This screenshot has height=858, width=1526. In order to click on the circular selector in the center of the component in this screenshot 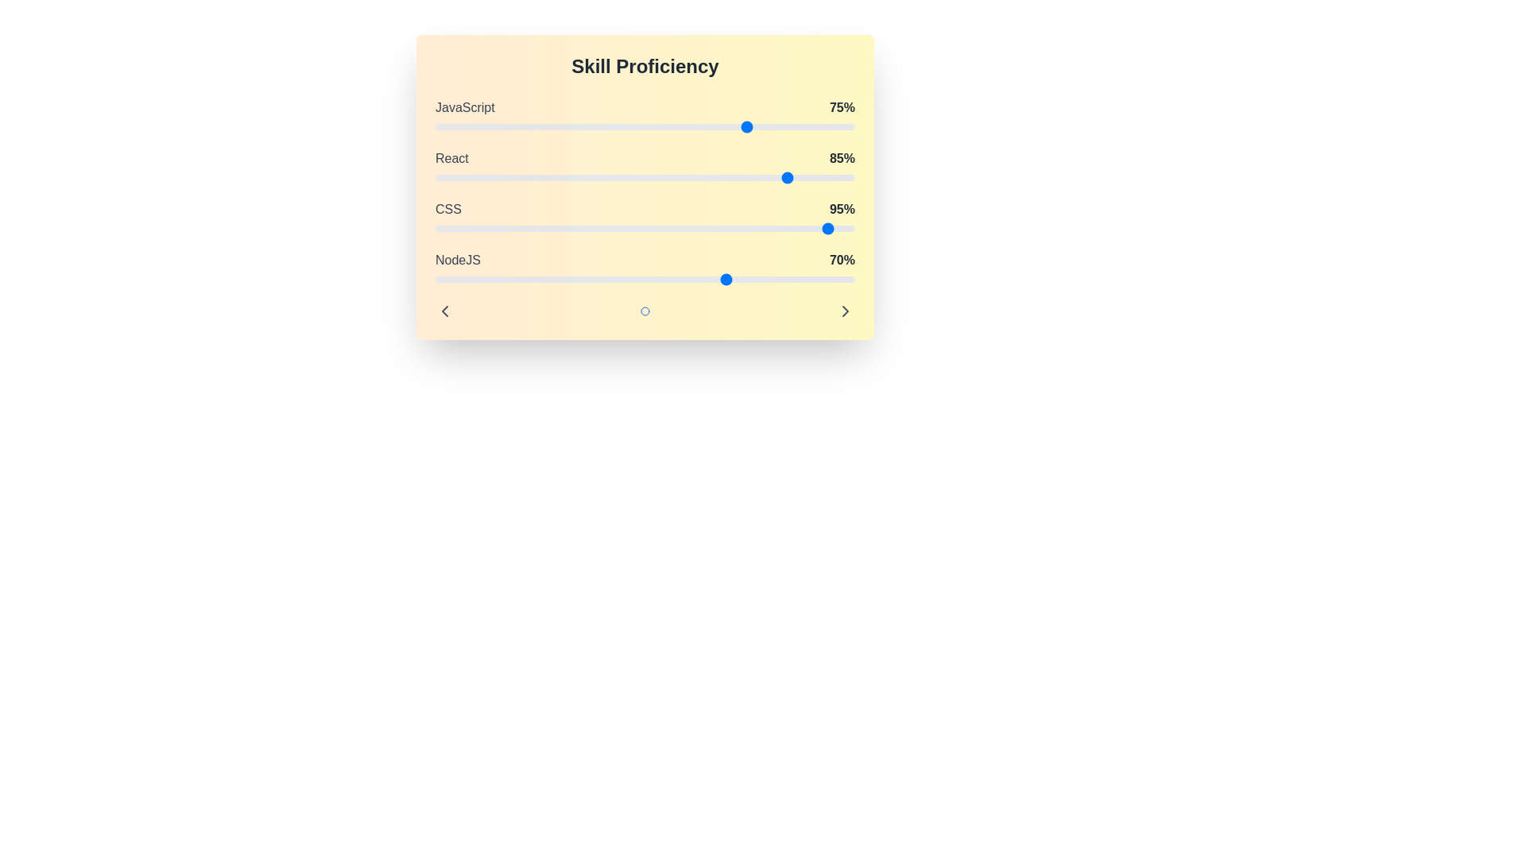, I will do `click(645, 311)`.